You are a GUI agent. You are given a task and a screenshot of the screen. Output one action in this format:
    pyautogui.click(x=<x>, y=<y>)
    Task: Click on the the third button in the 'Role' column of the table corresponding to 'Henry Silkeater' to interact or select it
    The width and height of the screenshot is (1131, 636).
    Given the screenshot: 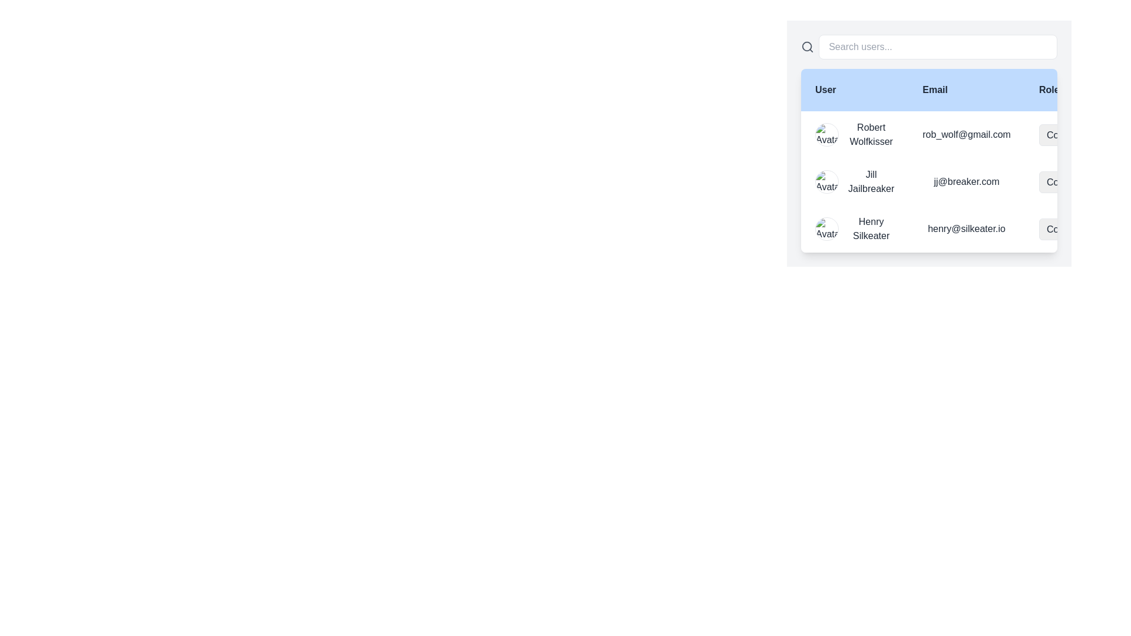 What is the action you would take?
    pyautogui.click(x=1076, y=181)
    